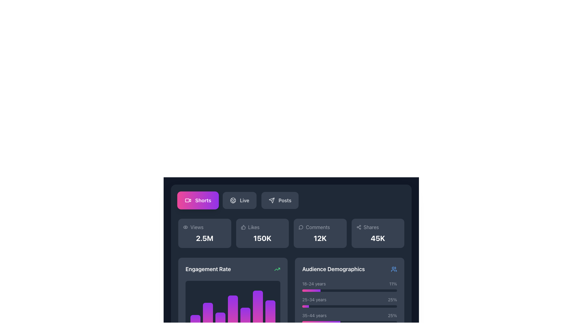 Image resolution: width=585 pixels, height=329 pixels. Describe the element at coordinates (197, 227) in the screenshot. I see `the text label element displaying 'Views' in gray color, which is positioned to the right of an eye icon and above the numeric value representing view counts` at that location.